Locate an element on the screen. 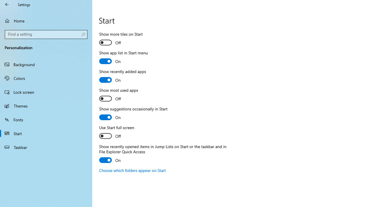 This screenshot has height=207, width=369. 'Background' is located at coordinates (46, 64).